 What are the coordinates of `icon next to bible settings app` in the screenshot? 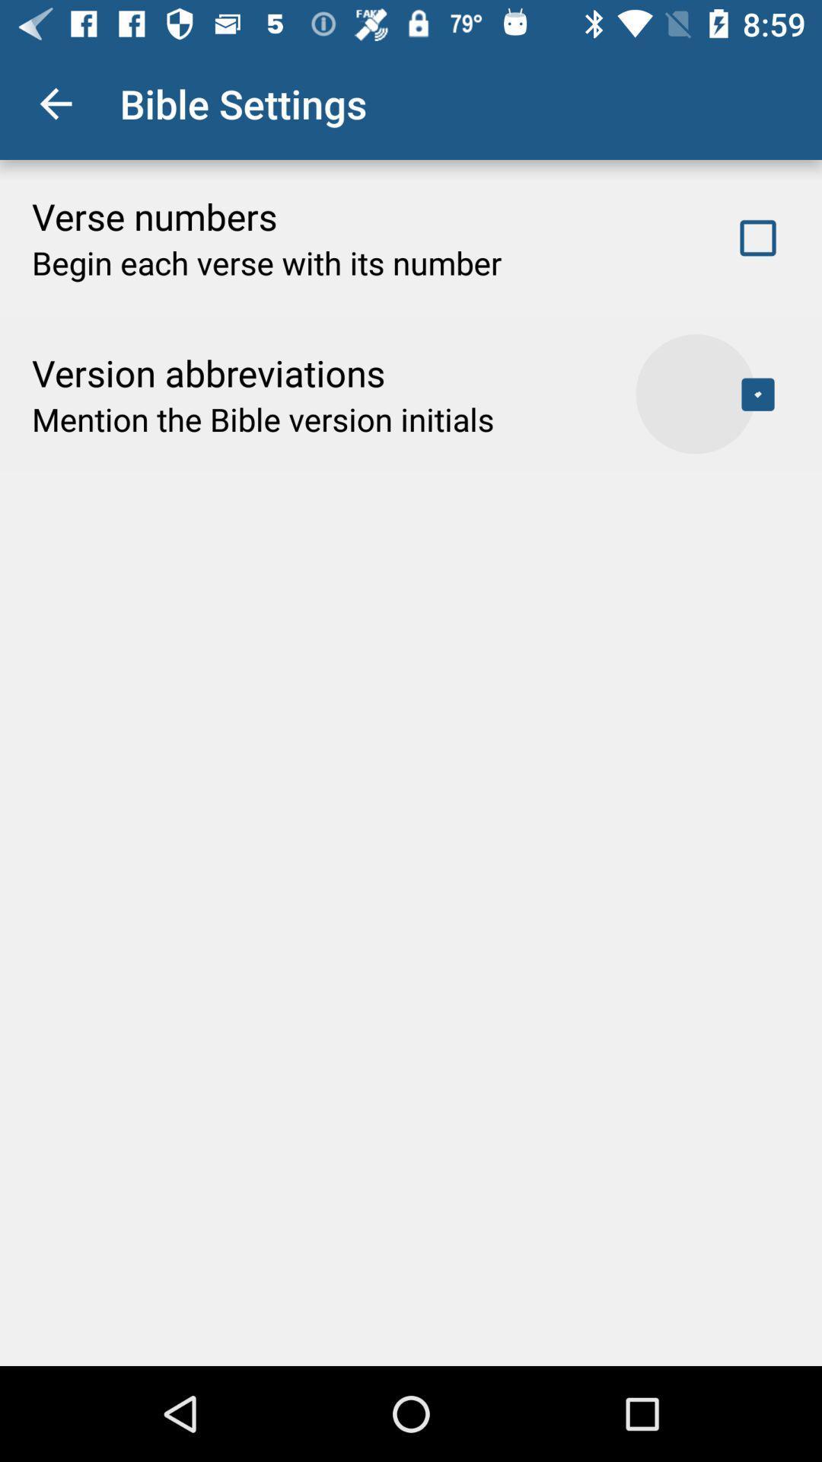 It's located at (55, 103).